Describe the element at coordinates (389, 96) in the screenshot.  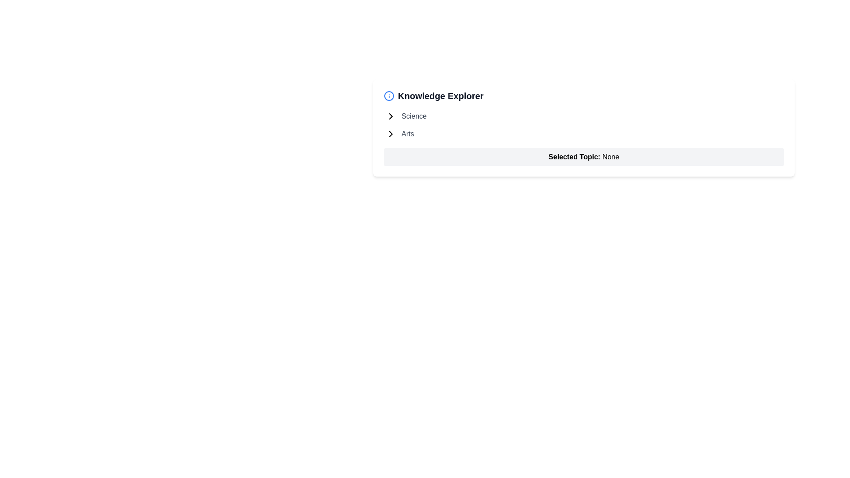
I see `the SVG circle element that has a blue outline and white inner fill, which is part of the icon to the left of the text 'Knowledge Explorer'` at that location.